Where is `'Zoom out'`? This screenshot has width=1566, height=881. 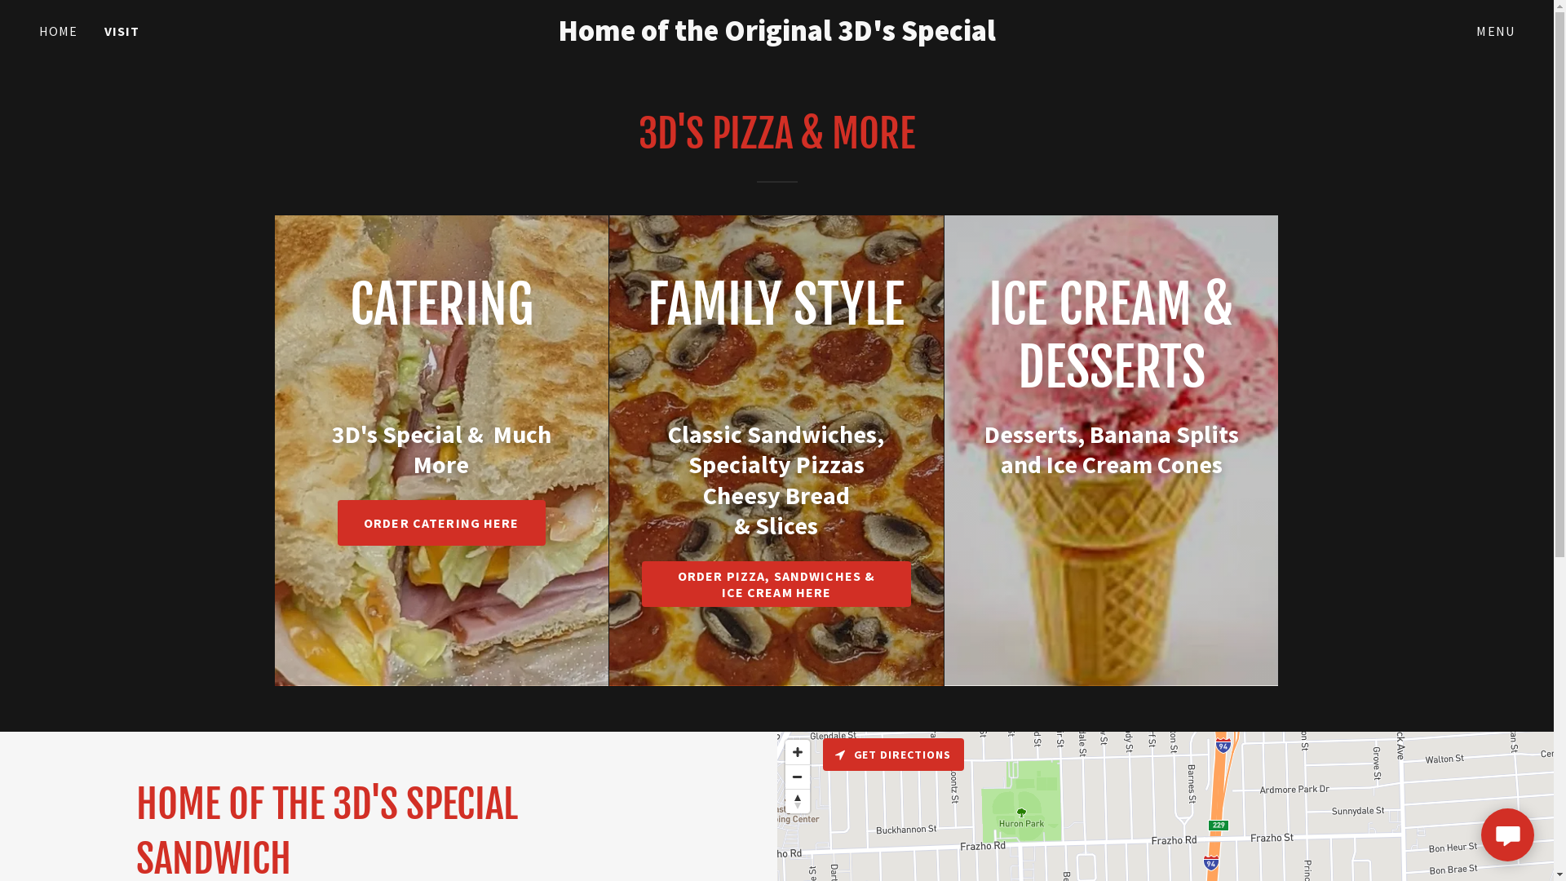 'Zoom out' is located at coordinates (797, 776).